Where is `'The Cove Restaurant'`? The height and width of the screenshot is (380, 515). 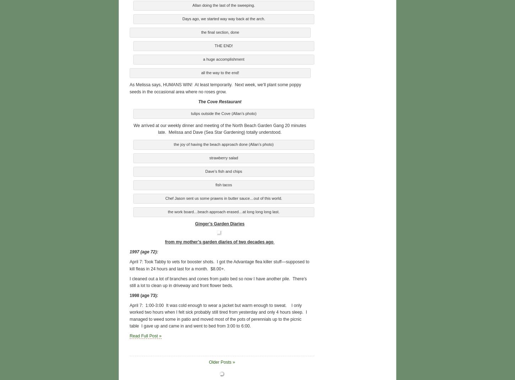 'The Cove Restaurant' is located at coordinates (219, 101).